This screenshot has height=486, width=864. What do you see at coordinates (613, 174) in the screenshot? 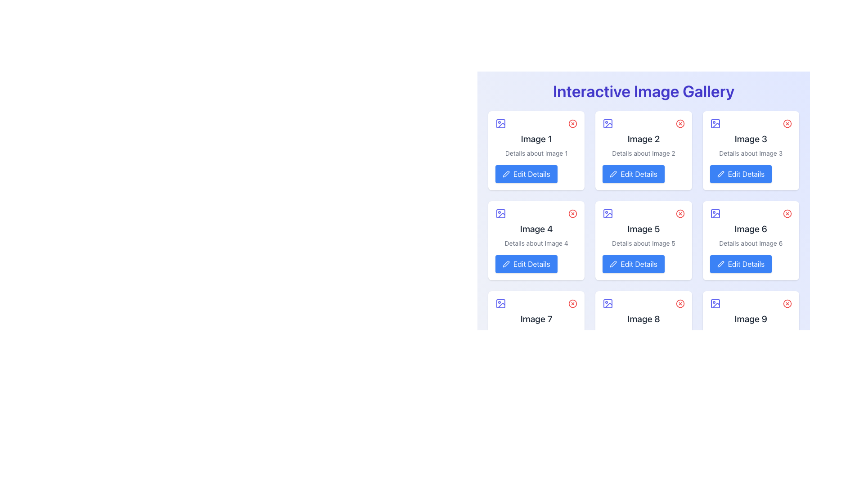
I see `the pen icon, which signifies the 'Edit Details' functionality, located within the 'Edit Details' button of the 'Image 2' card in the image gallery` at bounding box center [613, 174].